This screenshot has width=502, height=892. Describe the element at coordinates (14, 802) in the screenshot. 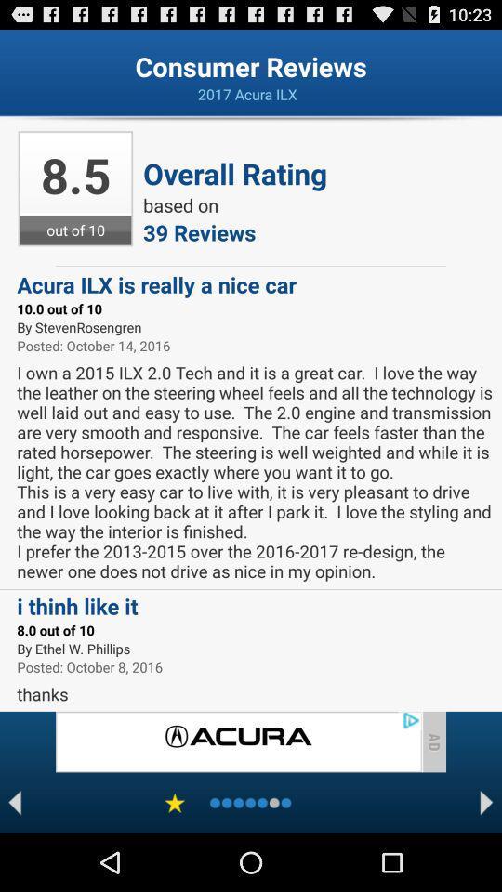

I see `previous page` at that location.